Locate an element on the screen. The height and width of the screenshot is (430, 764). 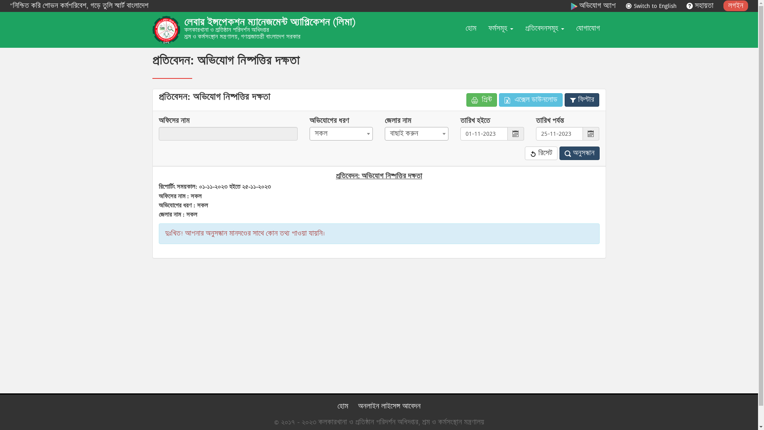
'Switch to English' is located at coordinates (651, 6).